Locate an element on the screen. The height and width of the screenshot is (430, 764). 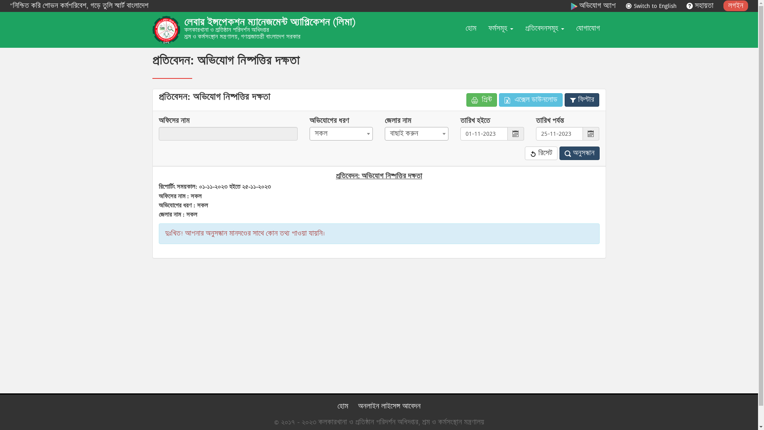
'Switch to English' is located at coordinates (651, 6).